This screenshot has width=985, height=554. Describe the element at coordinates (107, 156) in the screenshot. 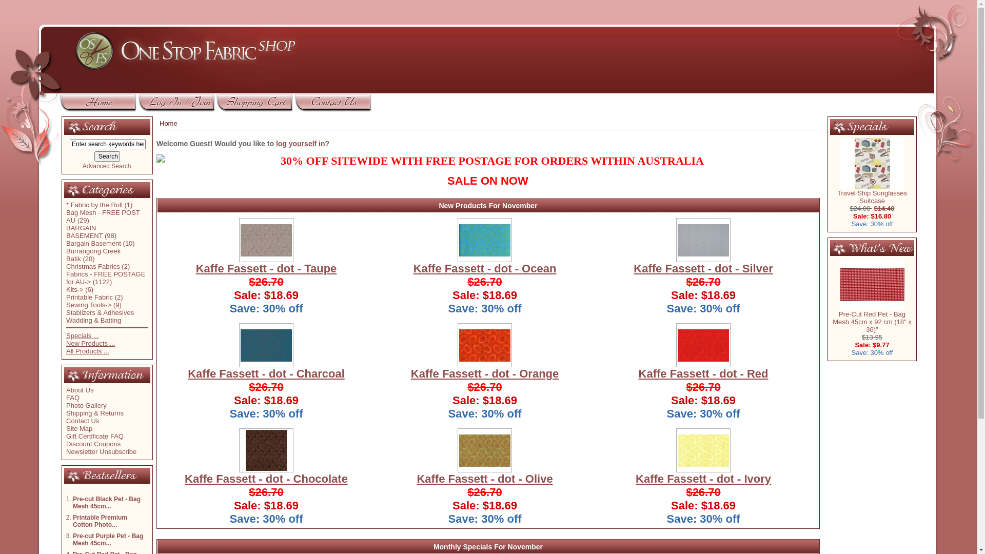

I see `'Search'` at that location.